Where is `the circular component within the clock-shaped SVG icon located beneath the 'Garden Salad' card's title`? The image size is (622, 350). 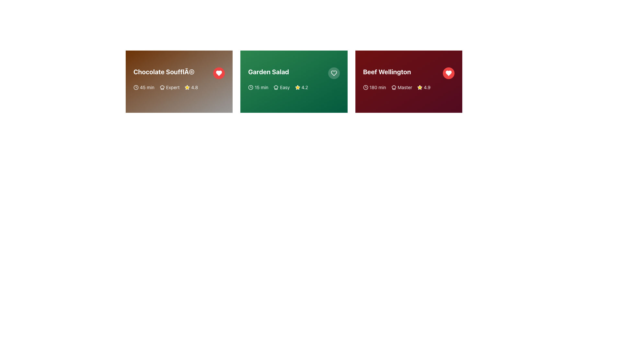
the circular component within the clock-shaped SVG icon located beneath the 'Garden Salad' card's title is located at coordinates (250, 87).